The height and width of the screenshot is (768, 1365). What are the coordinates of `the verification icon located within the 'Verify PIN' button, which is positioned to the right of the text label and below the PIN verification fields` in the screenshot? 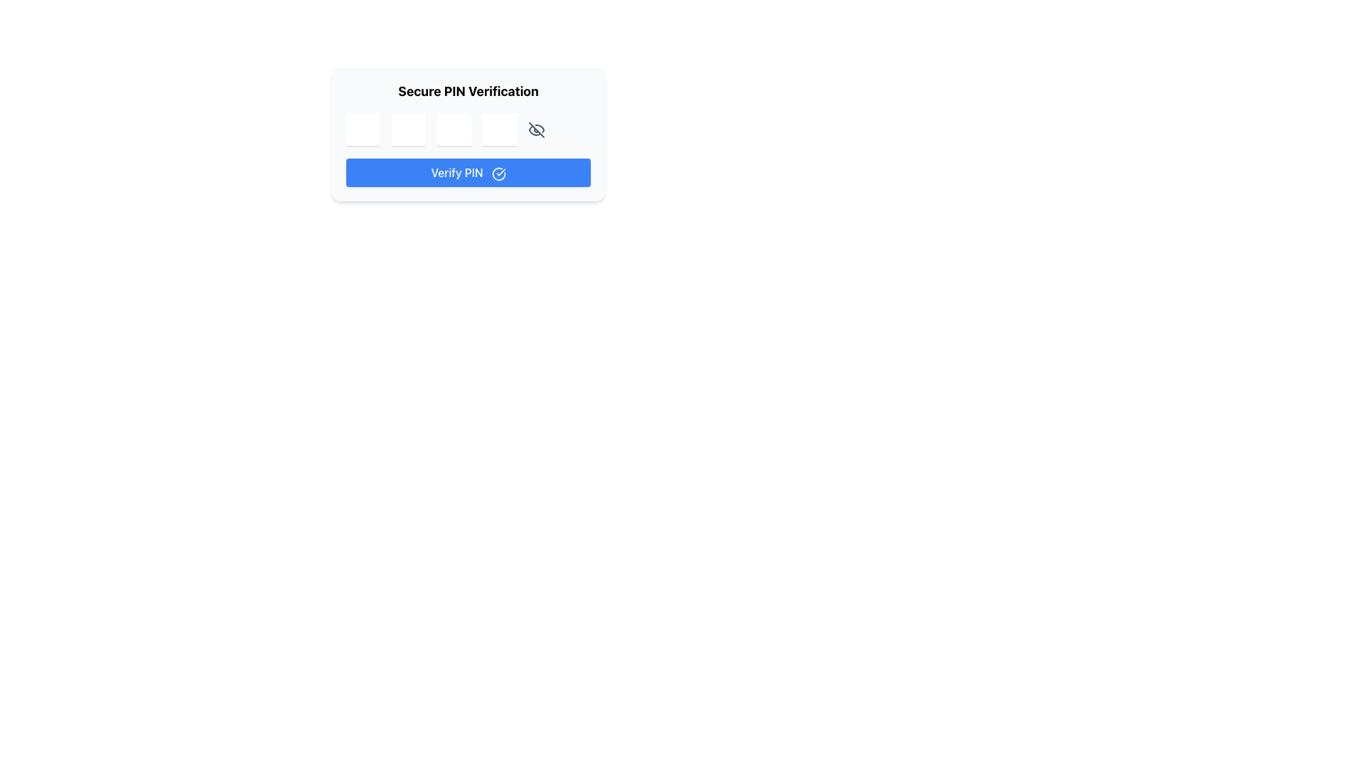 It's located at (498, 173).